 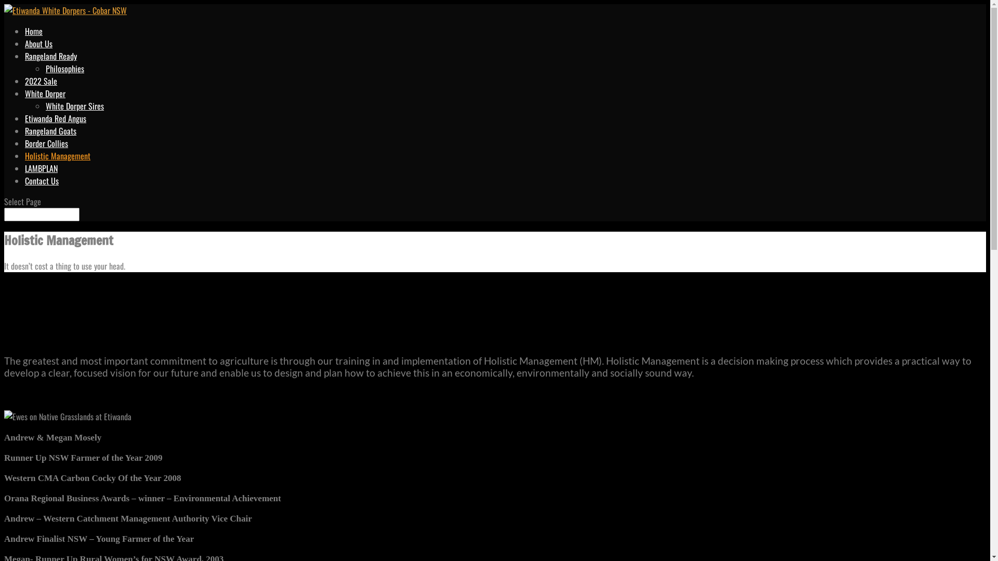 What do you see at coordinates (46, 143) in the screenshot?
I see `'Border Collies'` at bounding box center [46, 143].